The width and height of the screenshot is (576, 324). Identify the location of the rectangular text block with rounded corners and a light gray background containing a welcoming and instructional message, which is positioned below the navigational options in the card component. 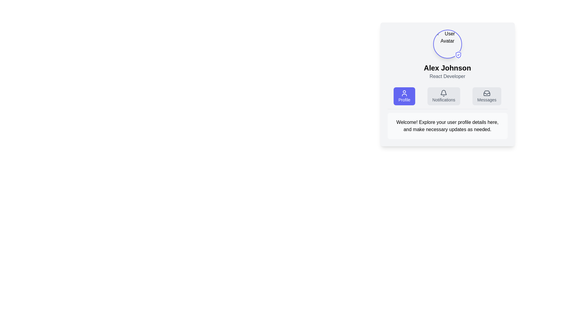
(447, 126).